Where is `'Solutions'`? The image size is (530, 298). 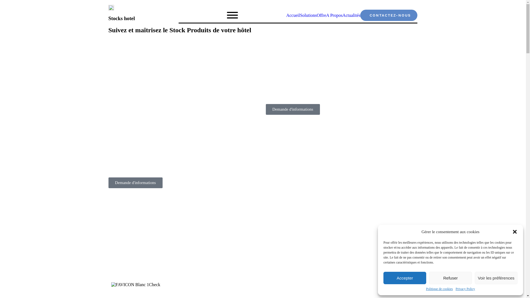 'Solutions' is located at coordinates (308, 15).